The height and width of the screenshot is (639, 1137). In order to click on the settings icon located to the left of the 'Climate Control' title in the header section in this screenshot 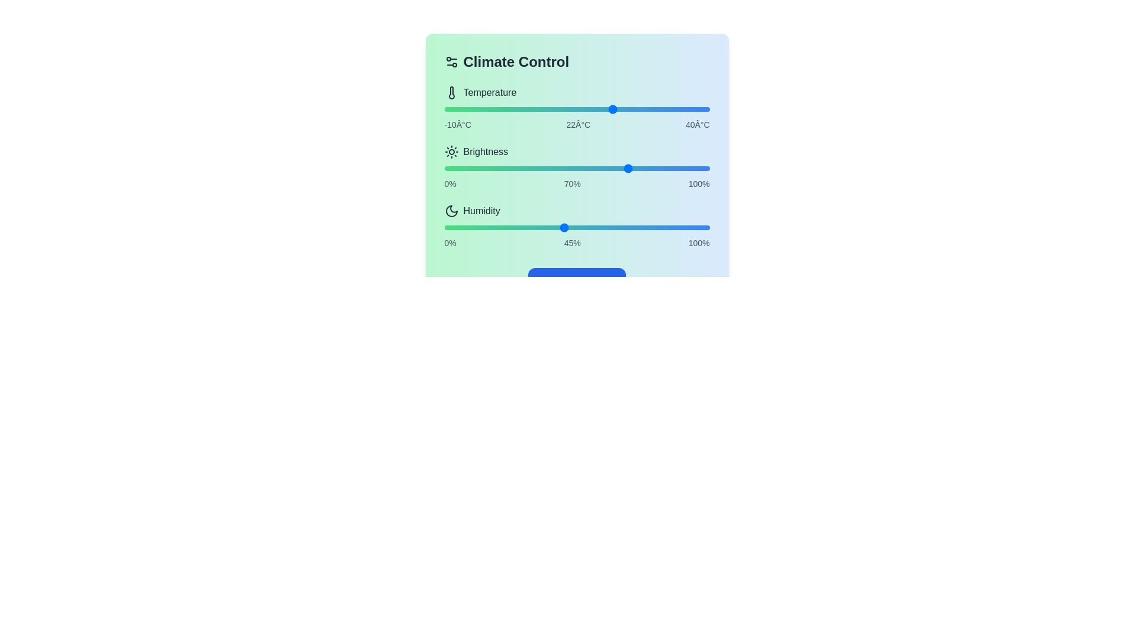, I will do `click(451, 62)`.